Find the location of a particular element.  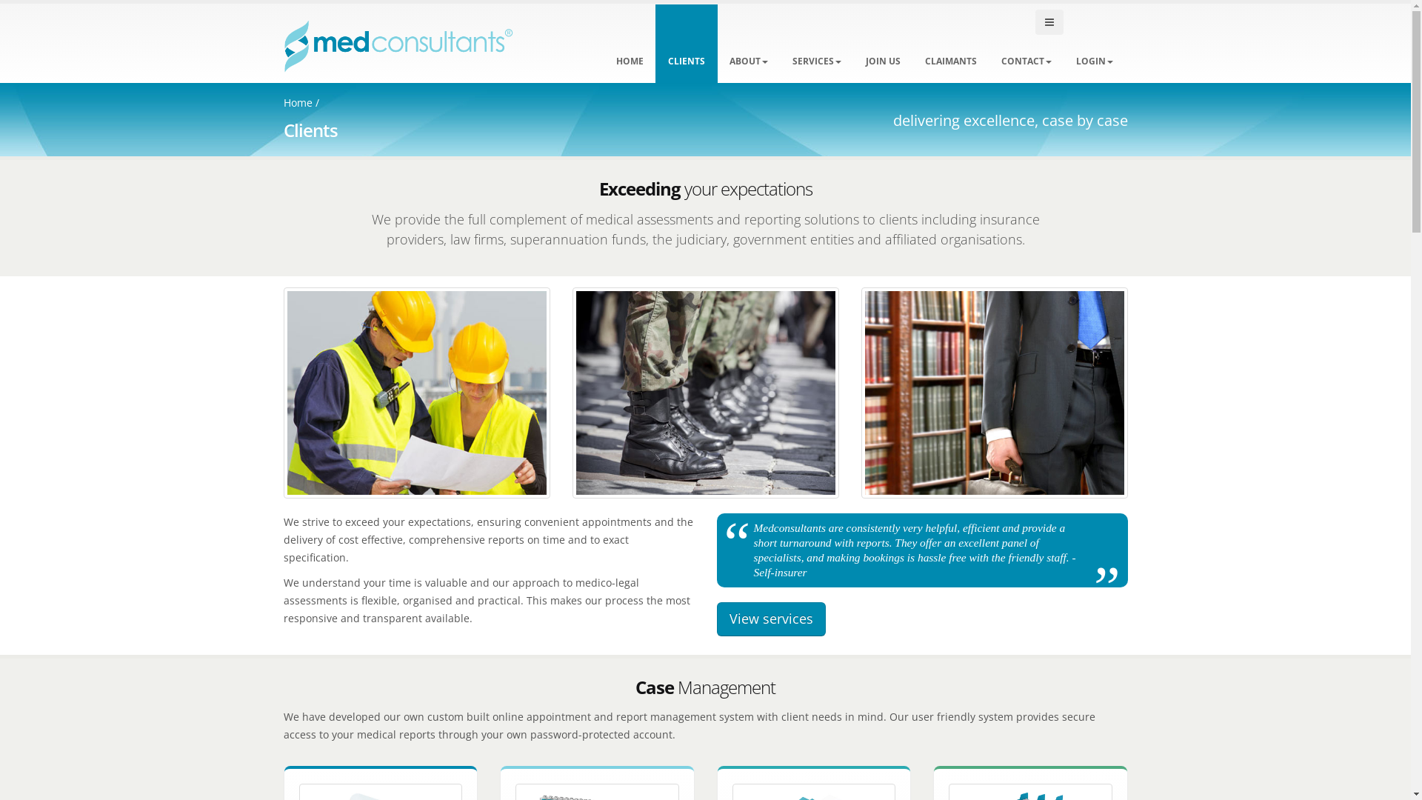

'CLAIMANTS' is located at coordinates (950, 43).